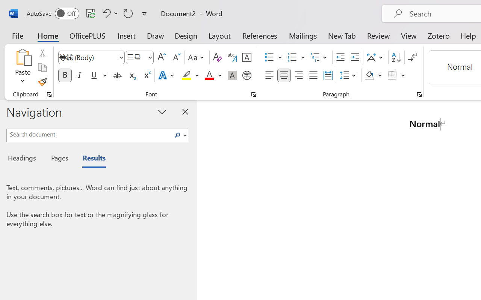 The width and height of the screenshot is (481, 300). I want to click on 'Line and Paragraph Spacing', so click(348, 75).